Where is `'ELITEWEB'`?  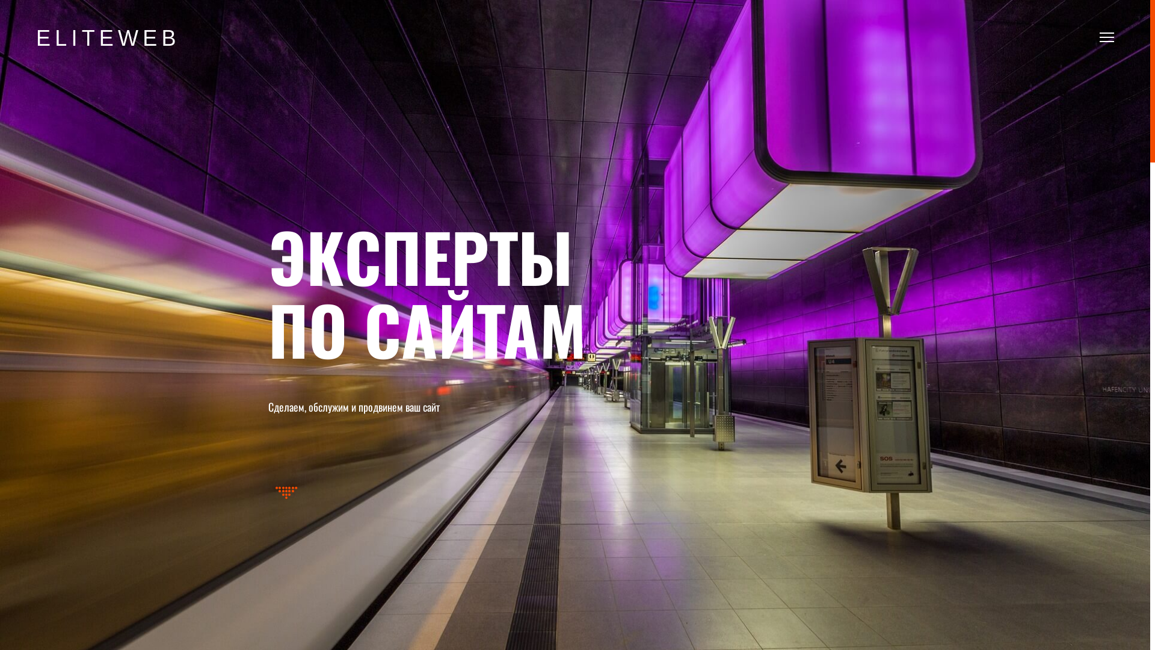
'ELITEWEB' is located at coordinates (108, 38).